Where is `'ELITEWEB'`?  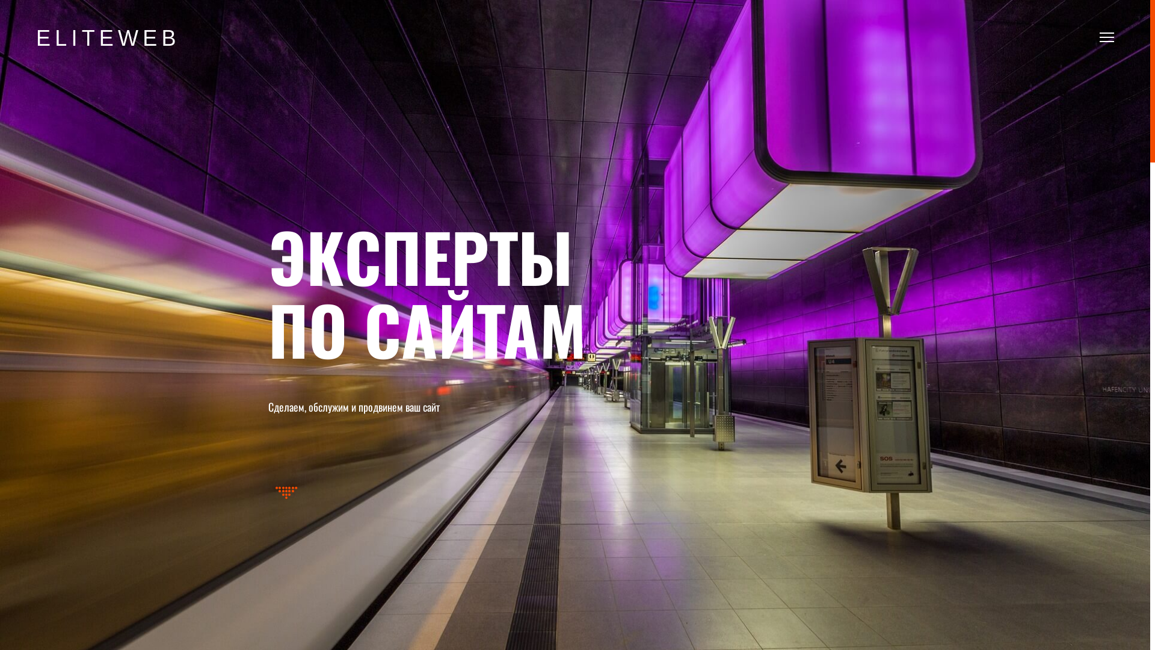
'ELITEWEB' is located at coordinates (108, 38).